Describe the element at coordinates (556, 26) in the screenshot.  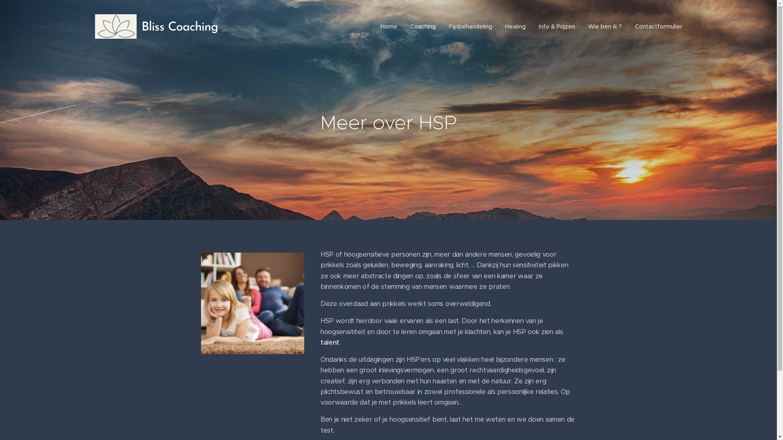
I see `'Info & Prijzen'` at that location.